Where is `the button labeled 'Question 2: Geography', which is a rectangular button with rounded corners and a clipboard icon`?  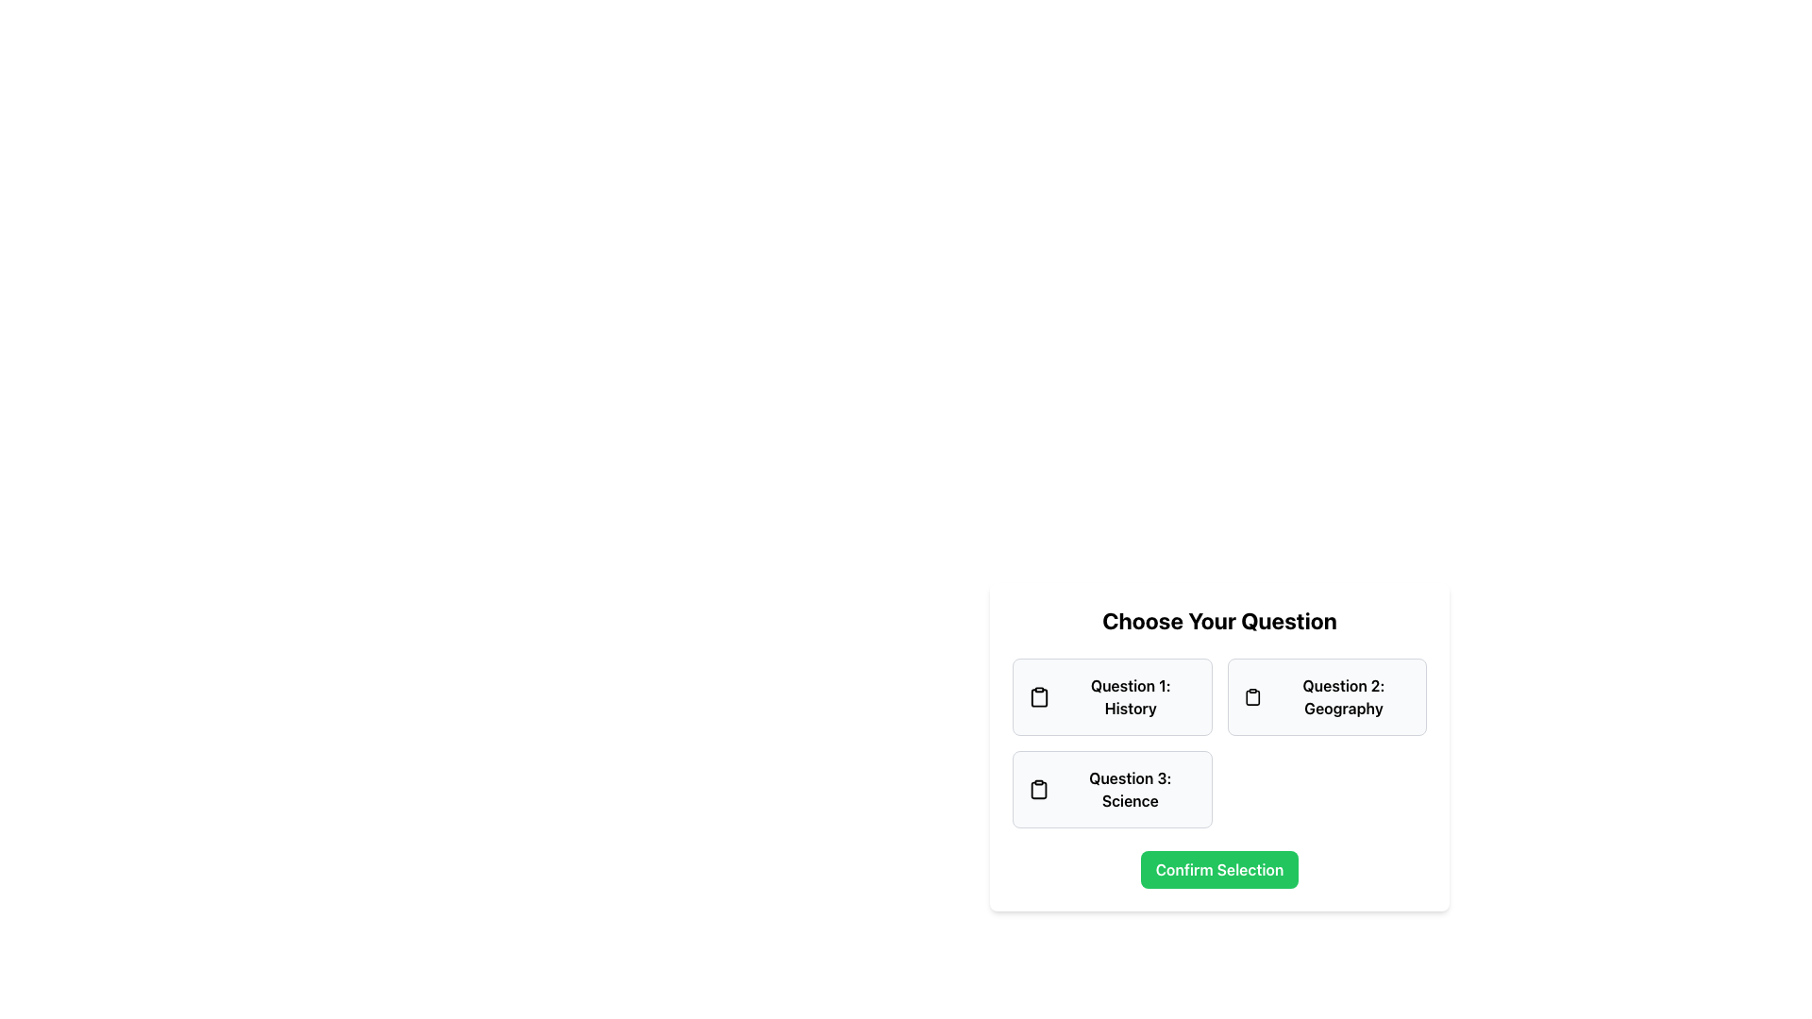 the button labeled 'Question 2: Geography', which is a rectangular button with rounded corners and a clipboard icon is located at coordinates (1326, 697).